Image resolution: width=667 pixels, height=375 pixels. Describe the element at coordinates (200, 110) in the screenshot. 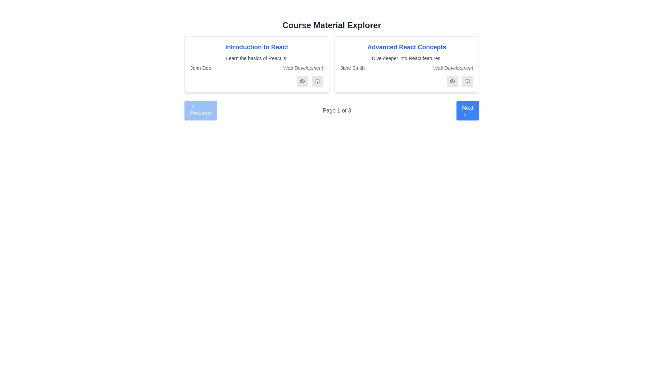

I see `the navigation button located at the bottom left corner of the interface` at that location.